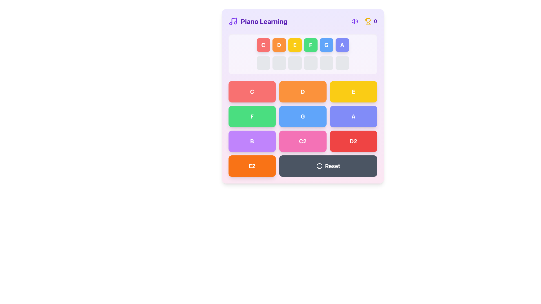 The height and width of the screenshot is (304, 541). Describe the element at coordinates (354, 21) in the screenshot. I see `the central volume icon located at the top-right corner of the interface` at that location.